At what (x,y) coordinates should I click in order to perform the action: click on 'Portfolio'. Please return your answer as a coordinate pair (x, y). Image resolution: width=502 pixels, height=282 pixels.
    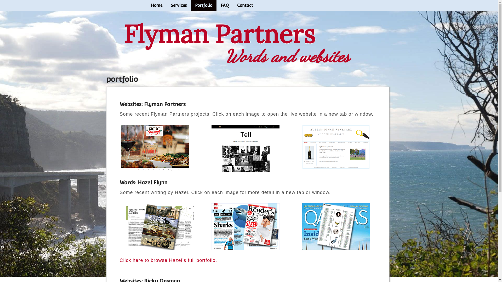
    Looking at the image, I should click on (203, 5).